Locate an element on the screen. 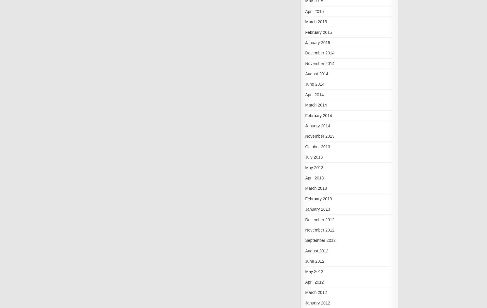  'January 2015' is located at coordinates (305, 42).